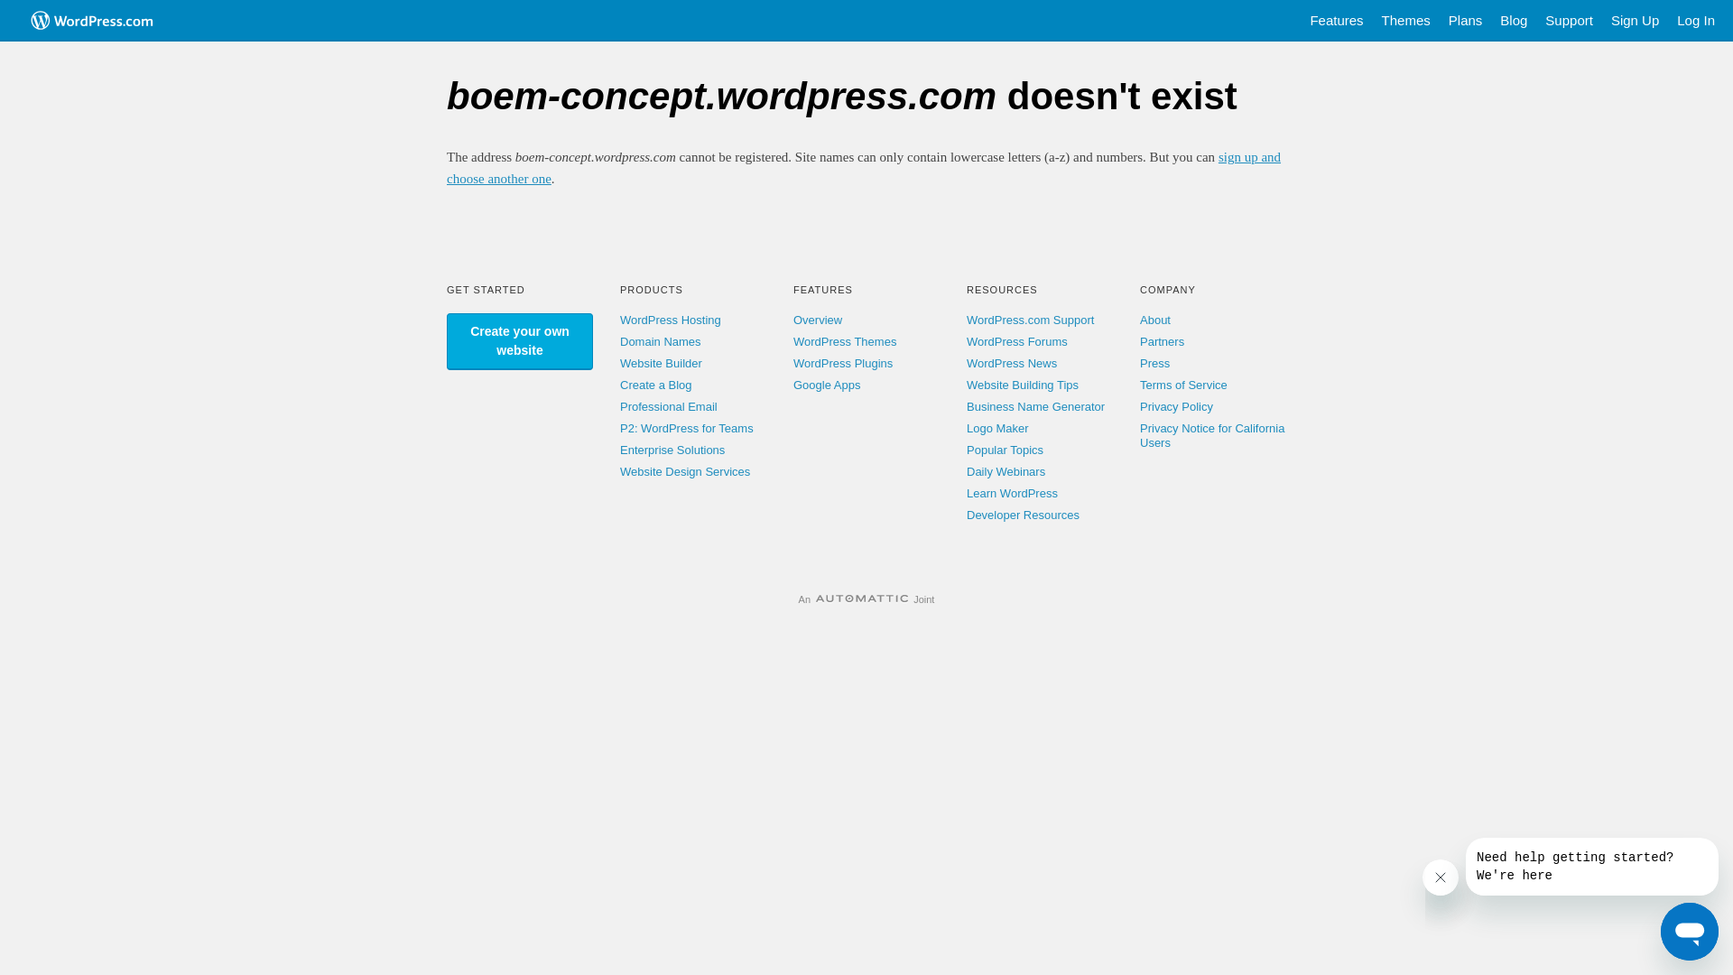 The image size is (1733, 975). I want to click on 'Popular Topics', so click(965, 449).